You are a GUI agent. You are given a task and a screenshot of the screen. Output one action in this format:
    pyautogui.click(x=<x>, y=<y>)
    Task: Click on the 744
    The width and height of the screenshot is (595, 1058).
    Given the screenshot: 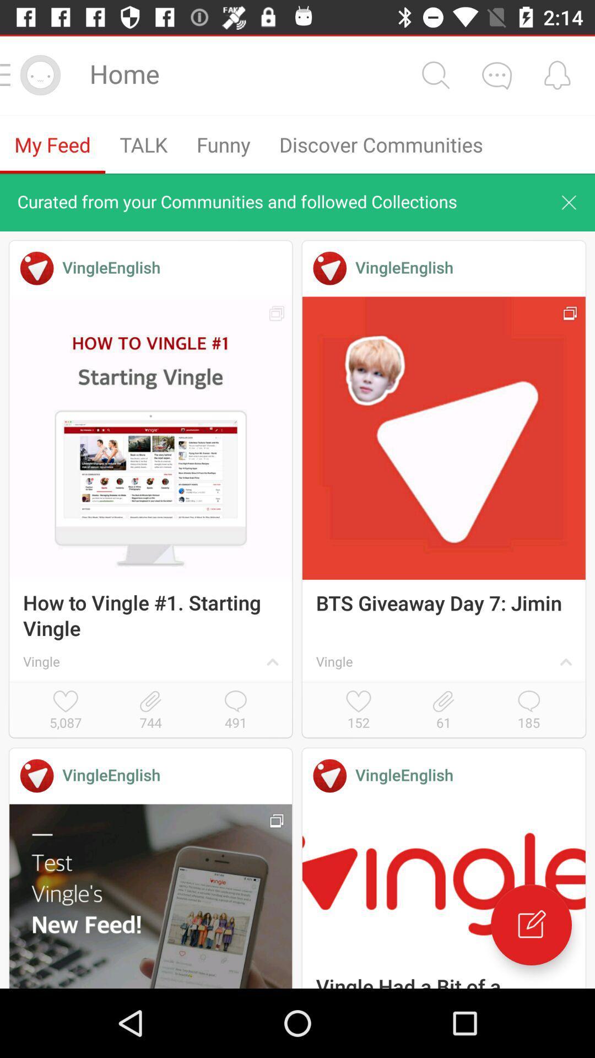 What is the action you would take?
    pyautogui.click(x=150, y=711)
    